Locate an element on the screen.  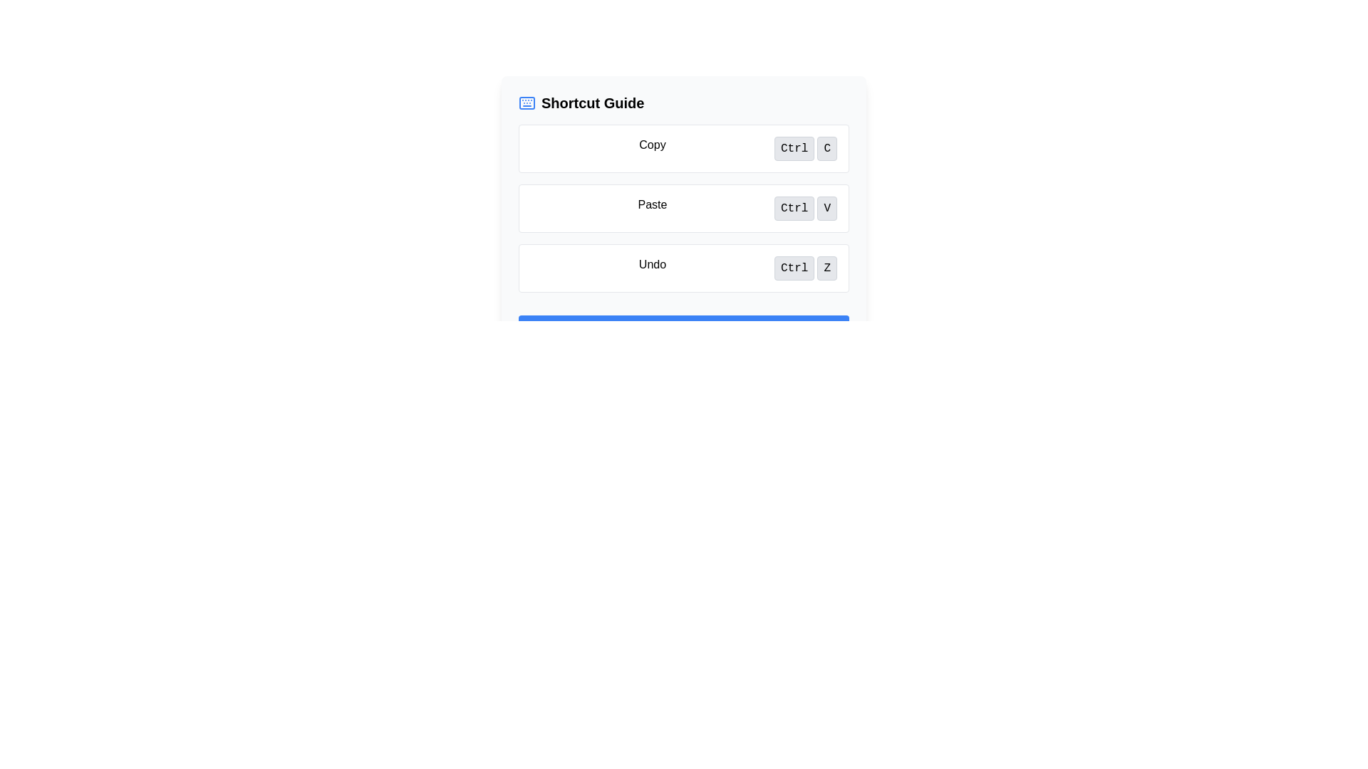
the 'Undo' text label, which is a bold text element aligned to the left within its group, located below the 'Copy' and 'Paste' entries in the shortcut options is located at coordinates (652, 264).